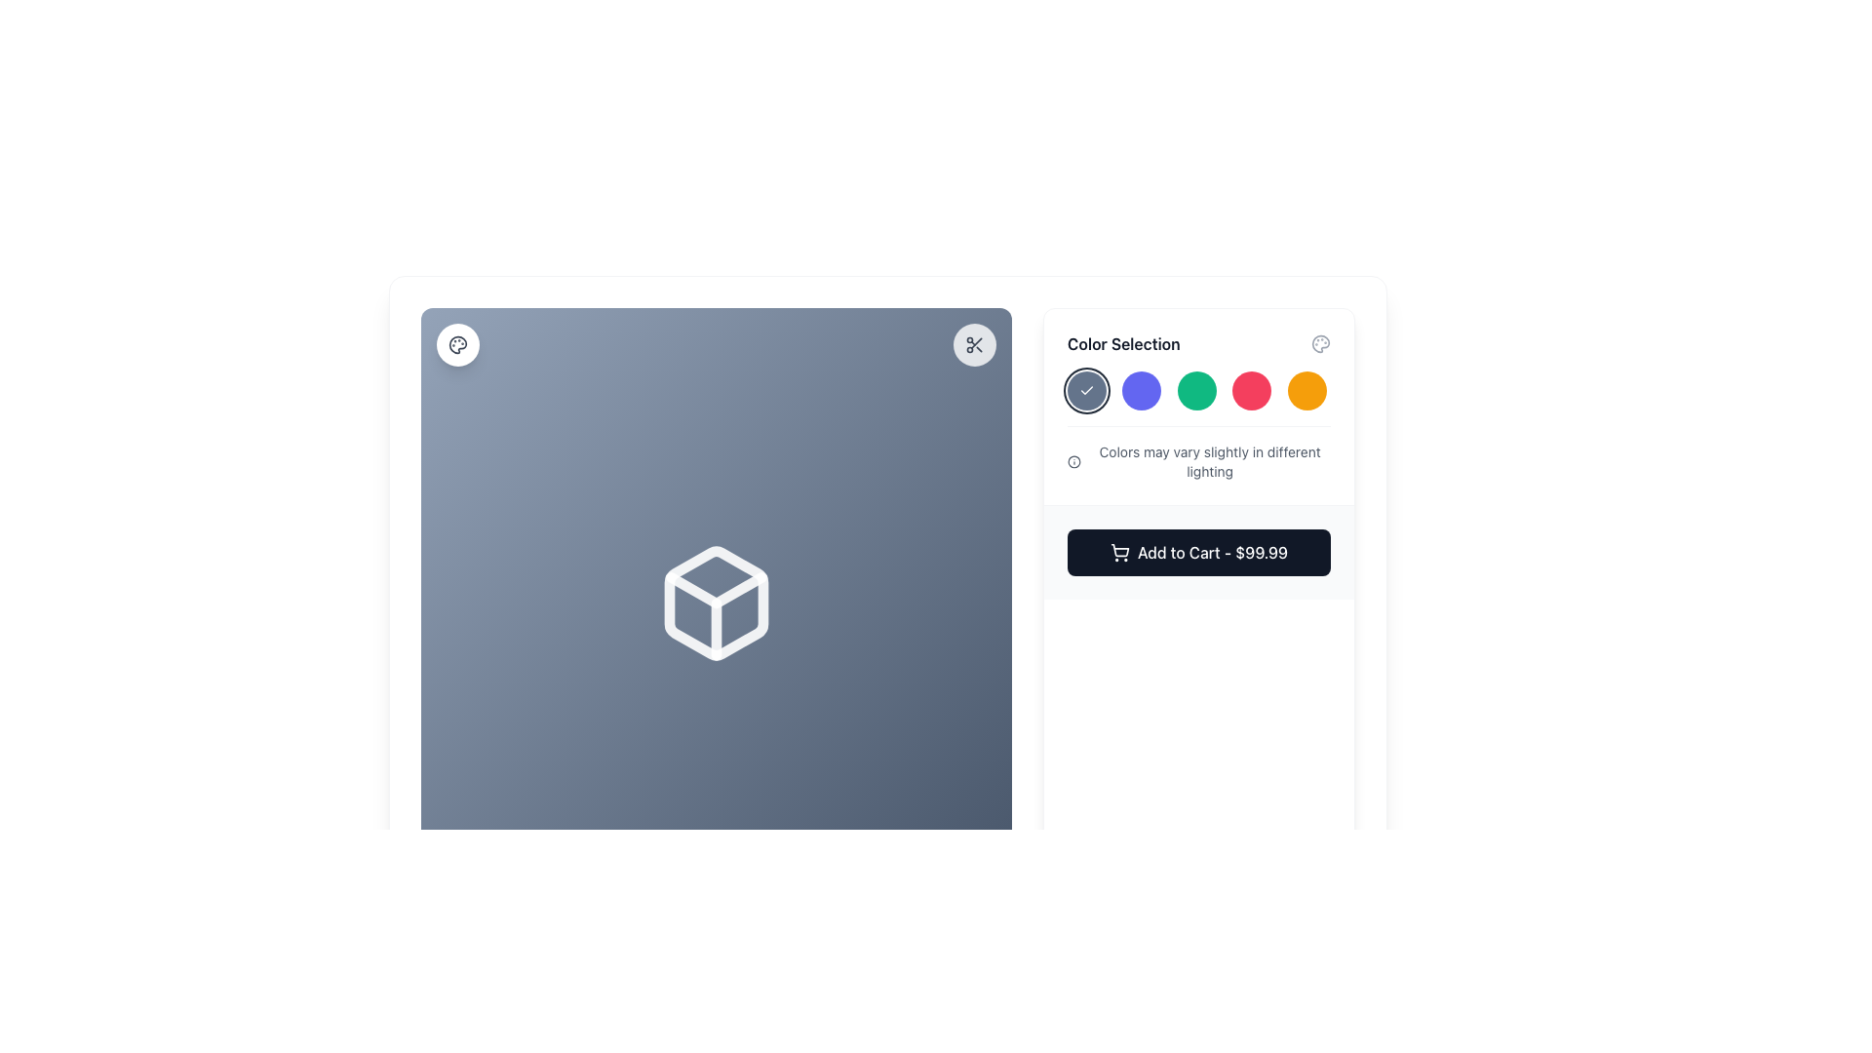  I want to click on the color/style selection toggle button located in the top-left corner above the central icon within the gradient background, so click(457, 344).